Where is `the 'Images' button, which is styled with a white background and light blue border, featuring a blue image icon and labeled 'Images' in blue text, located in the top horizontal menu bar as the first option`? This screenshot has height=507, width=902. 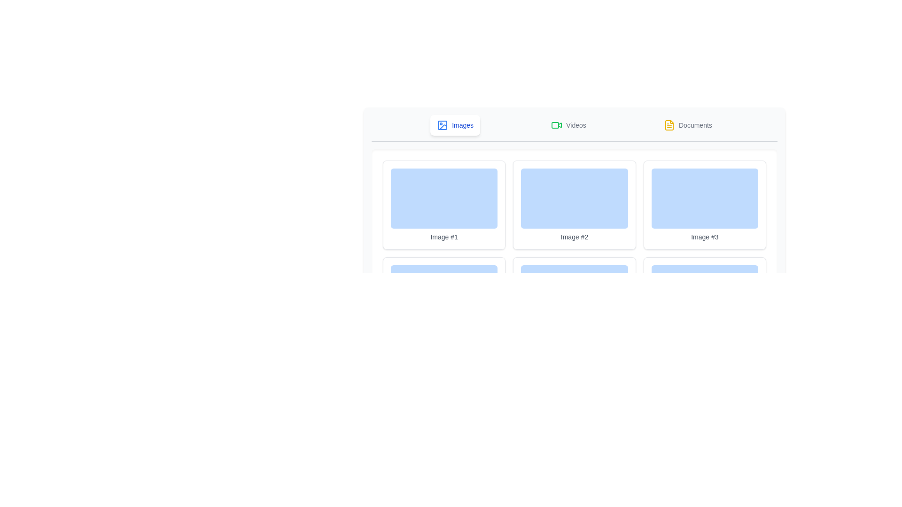
the 'Images' button, which is styled with a white background and light blue border, featuring a blue image icon and labeled 'Images' in blue text, located in the top horizontal menu bar as the first option is located at coordinates (455, 124).